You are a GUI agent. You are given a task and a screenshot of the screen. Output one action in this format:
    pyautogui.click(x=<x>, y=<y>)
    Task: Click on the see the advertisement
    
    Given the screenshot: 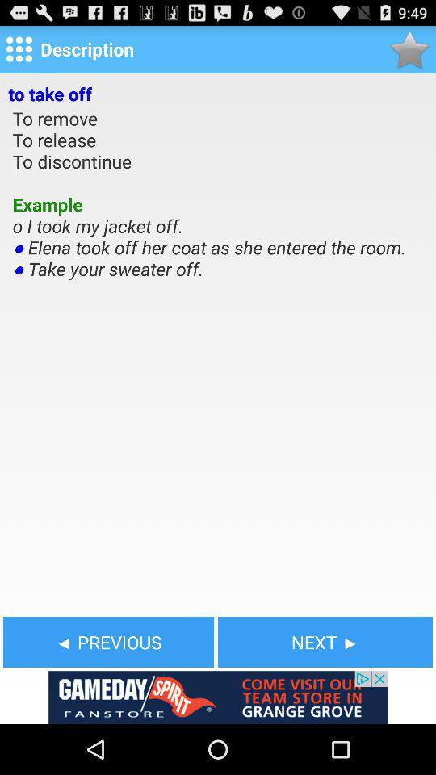 What is the action you would take?
    pyautogui.click(x=218, y=697)
    